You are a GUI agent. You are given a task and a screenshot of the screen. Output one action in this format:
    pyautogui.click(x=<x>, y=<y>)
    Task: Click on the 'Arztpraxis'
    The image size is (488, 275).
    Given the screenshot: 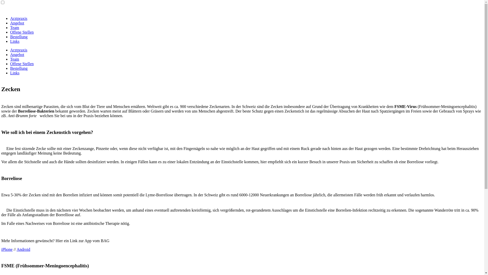 What is the action you would take?
    pyautogui.click(x=19, y=50)
    